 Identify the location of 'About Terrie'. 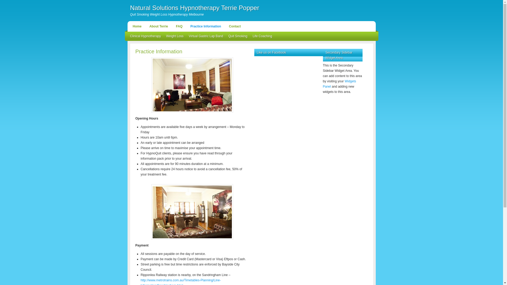
(158, 26).